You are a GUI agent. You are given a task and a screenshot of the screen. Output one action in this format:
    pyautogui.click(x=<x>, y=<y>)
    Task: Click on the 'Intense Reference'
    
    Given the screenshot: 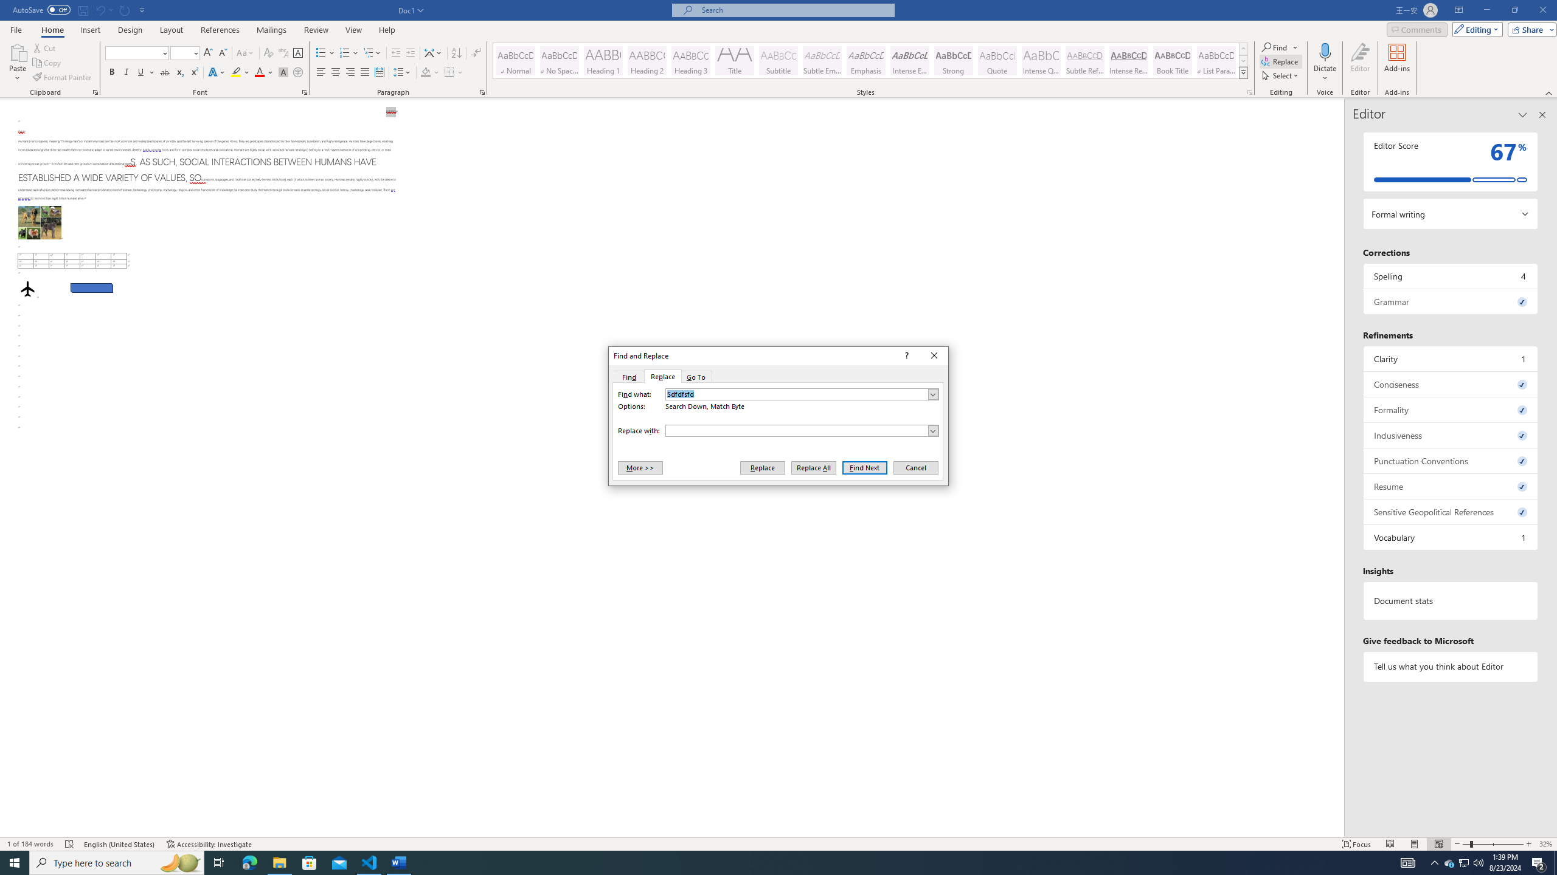 What is the action you would take?
    pyautogui.click(x=1128, y=60)
    